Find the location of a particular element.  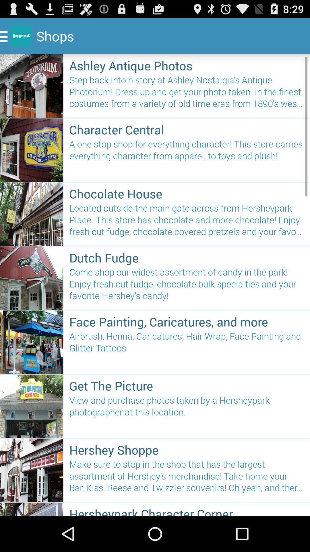

view and purchase icon is located at coordinates (187, 414).